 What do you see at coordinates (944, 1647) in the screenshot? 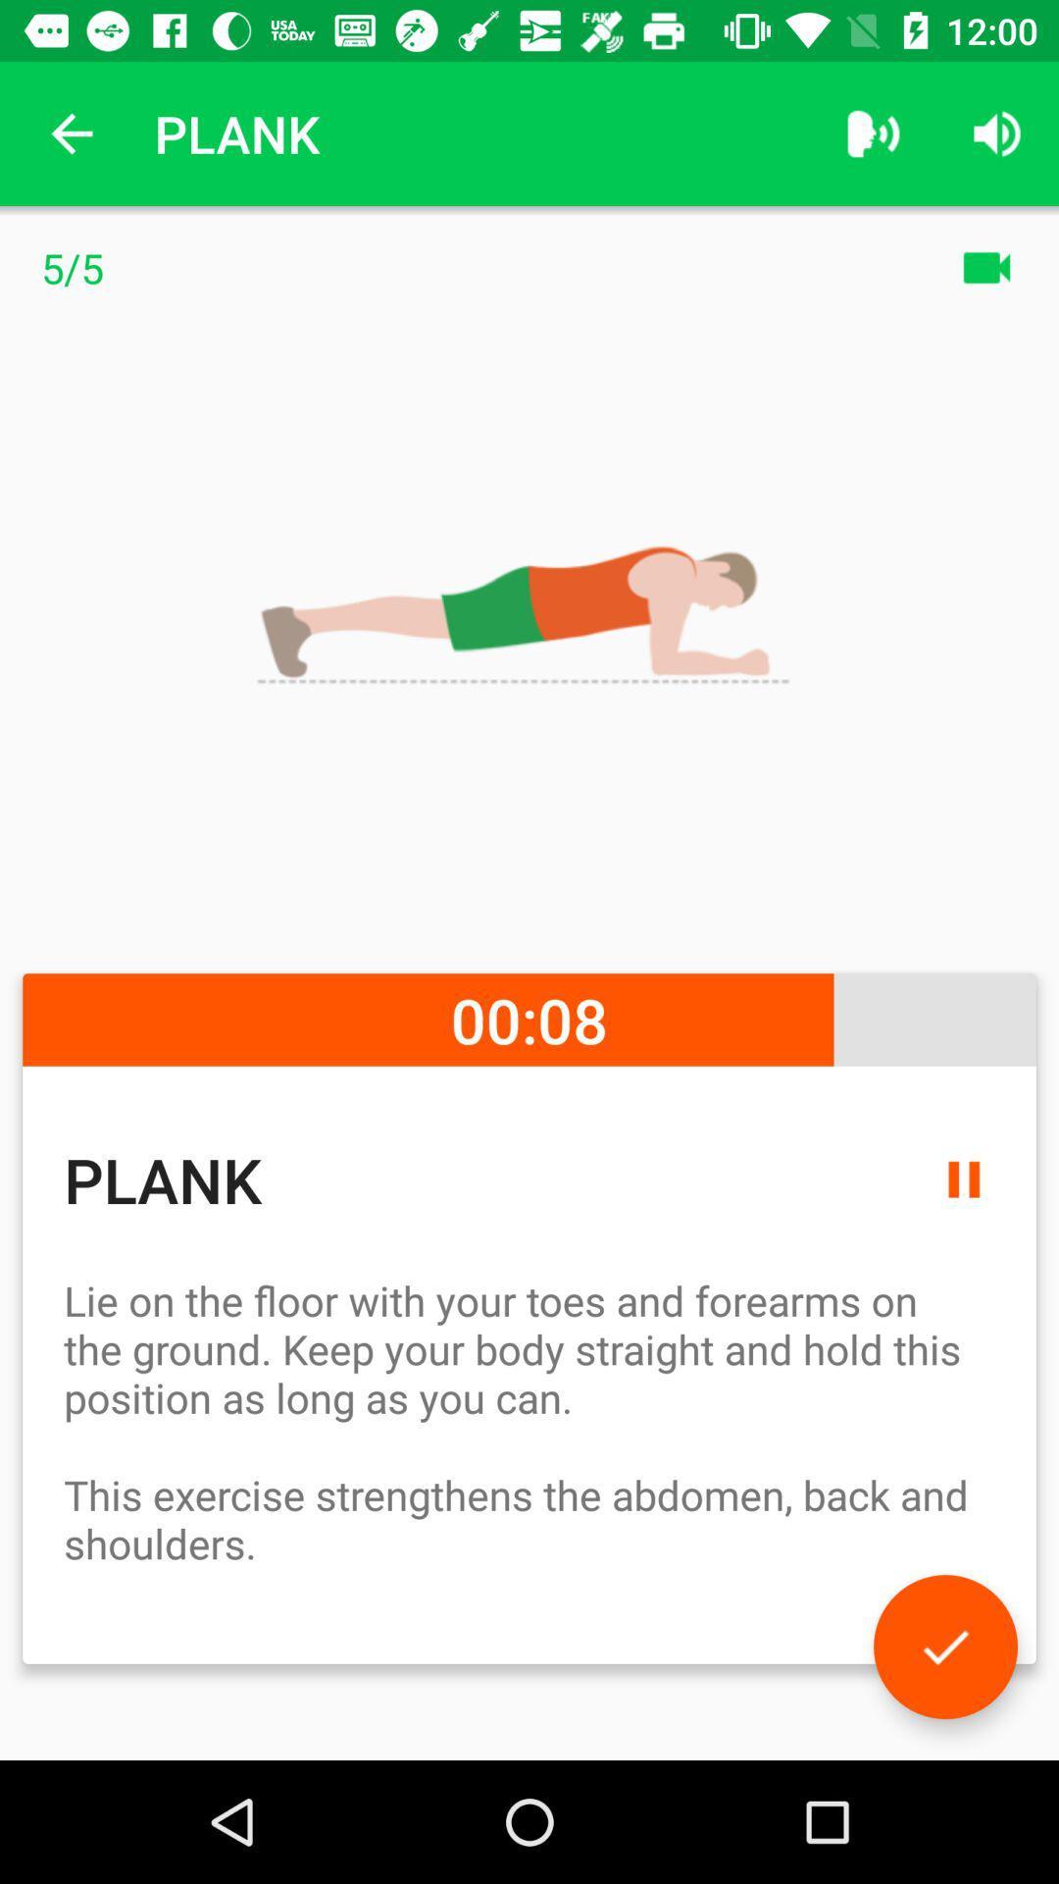
I see `the check icon` at bounding box center [944, 1647].